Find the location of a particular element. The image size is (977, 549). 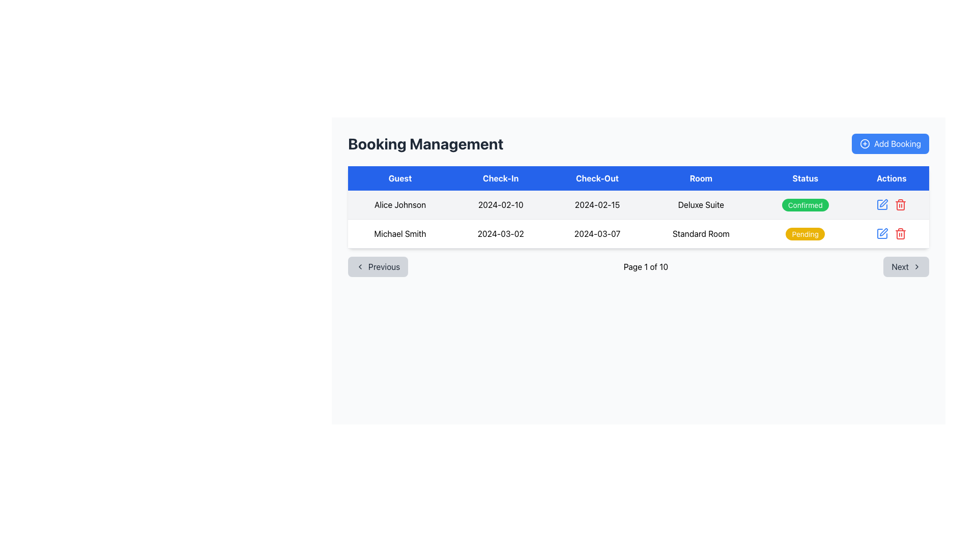

text label displaying 'Page 1 of 10' located at the bottom center of the interface, part of the pagination control is located at coordinates (645, 266).